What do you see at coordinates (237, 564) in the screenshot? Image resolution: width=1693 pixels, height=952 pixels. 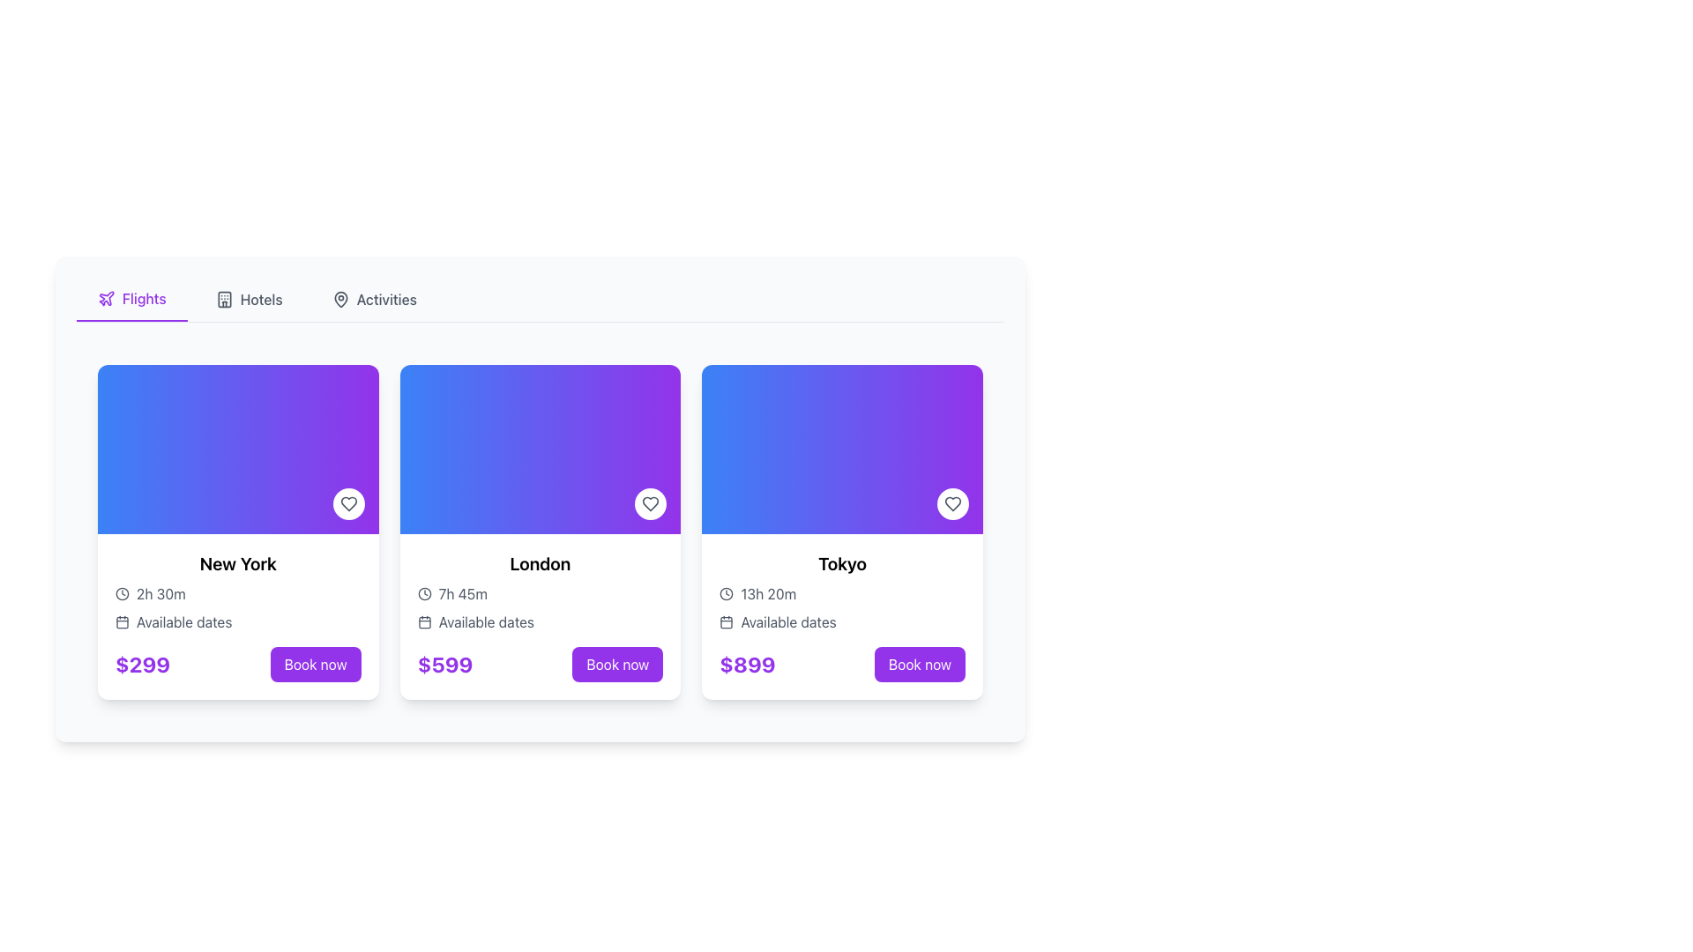 I see `the prominent text label displaying the travel destination name in the first flight card on the left, located beneath the card's visual area` at bounding box center [237, 564].